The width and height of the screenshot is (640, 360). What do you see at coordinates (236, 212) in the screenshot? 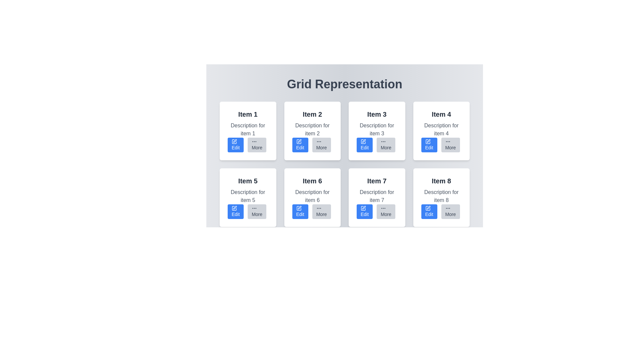
I see `the edit button located in the bottom-left section of the card for 'Item 5' to initiate editing` at bounding box center [236, 212].